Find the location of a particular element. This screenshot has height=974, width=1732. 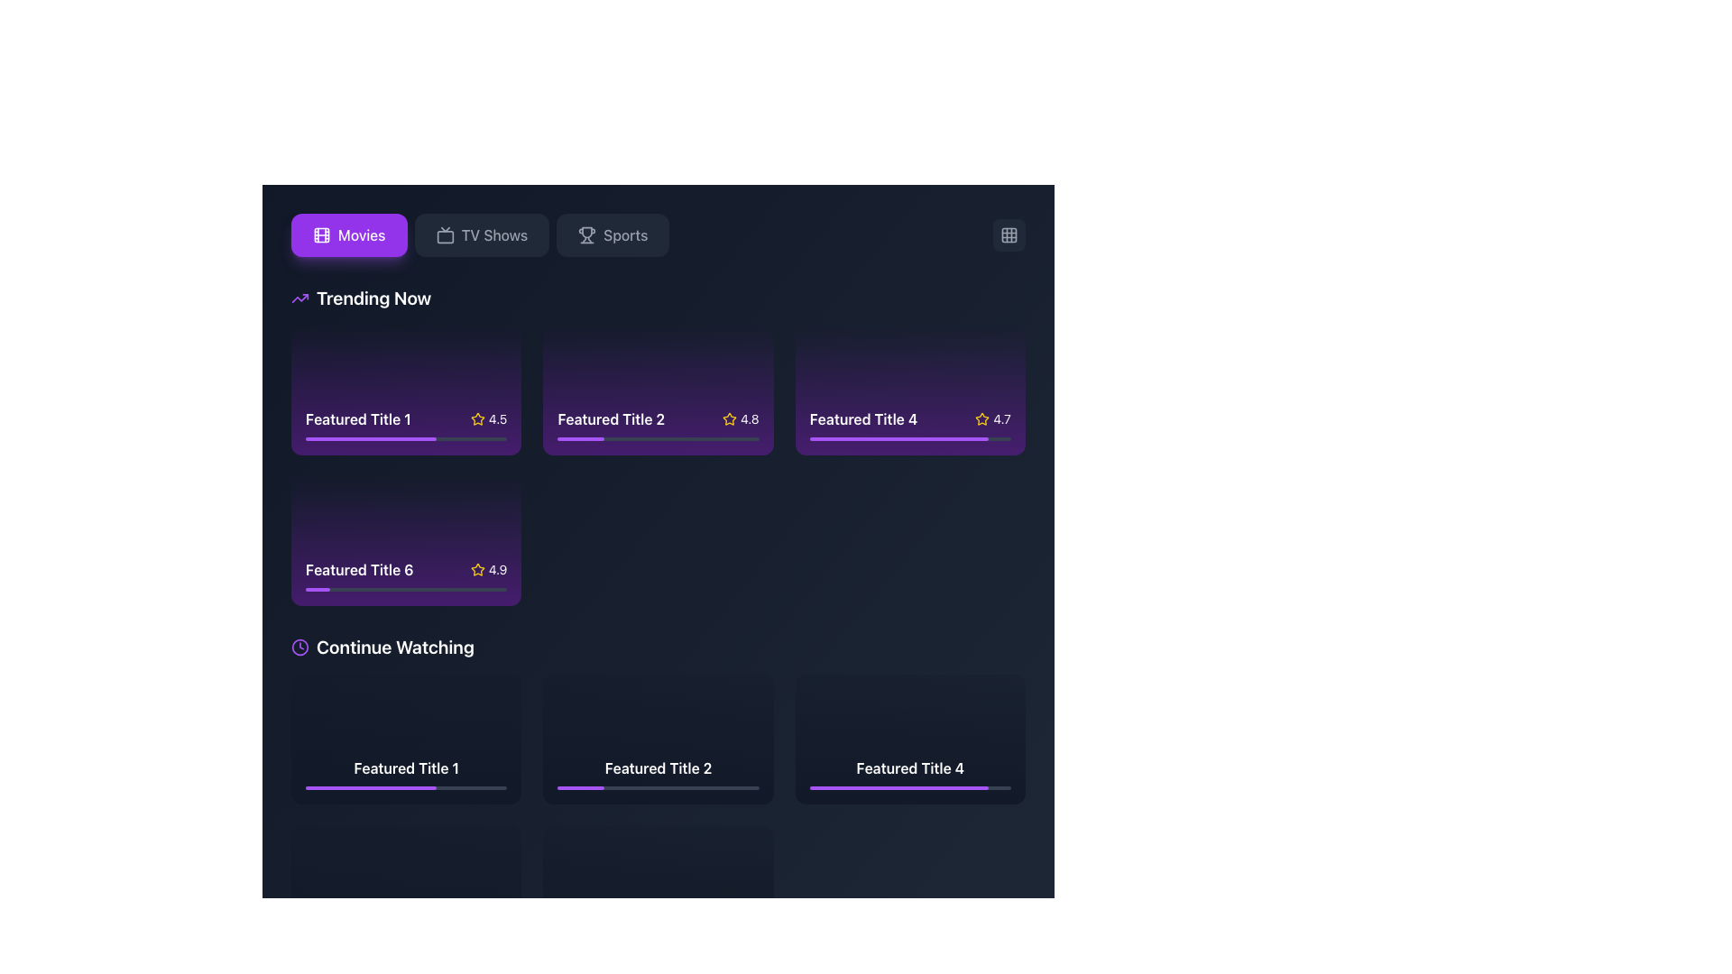

the button in the top-right corner that toggles the view or display format of items below, including 'Movies', 'TV Shows', and 'Sports' is located at coordinates (1008, 234).